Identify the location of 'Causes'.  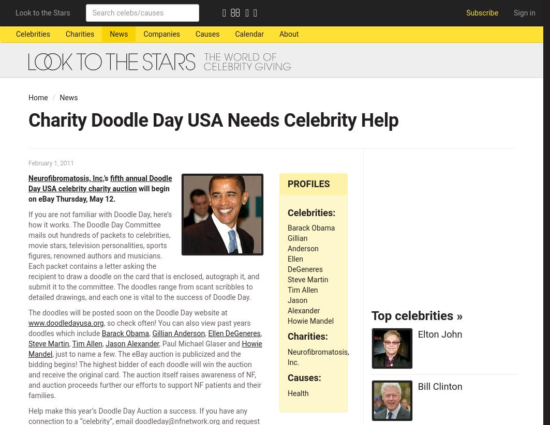
(207, 34).